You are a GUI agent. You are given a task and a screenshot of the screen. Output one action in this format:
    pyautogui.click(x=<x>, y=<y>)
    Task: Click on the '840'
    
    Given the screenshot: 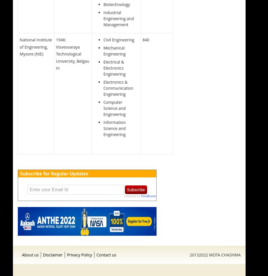 What is the action you would take?
    pyautogui.click(x=142, y=39)
    